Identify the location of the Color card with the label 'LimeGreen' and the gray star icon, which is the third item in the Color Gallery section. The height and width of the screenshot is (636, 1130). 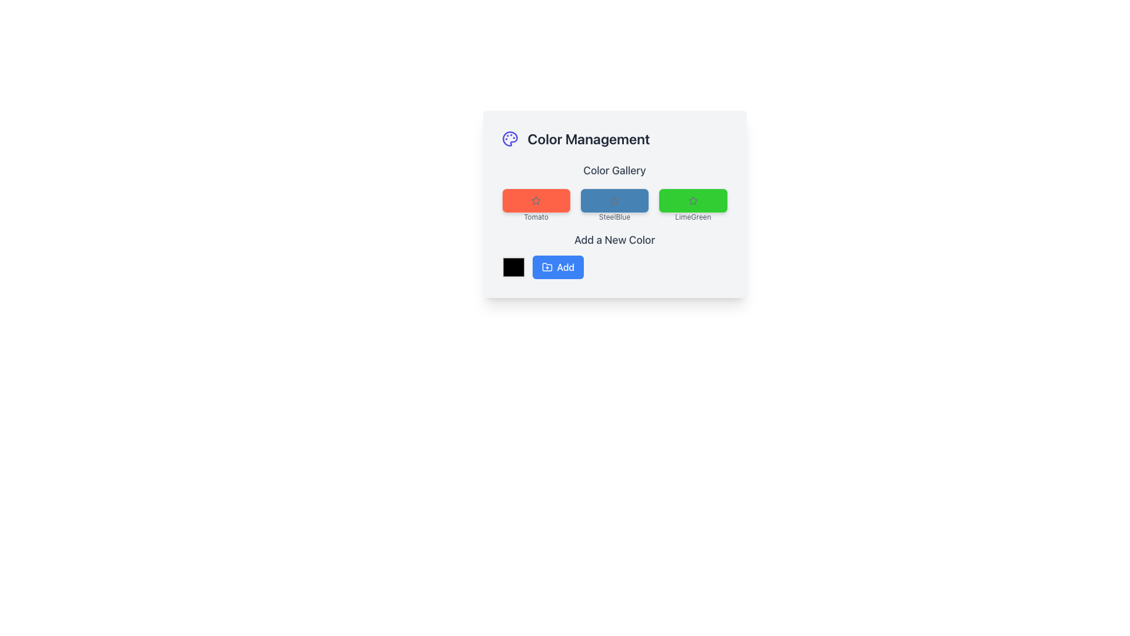
(693, 200).